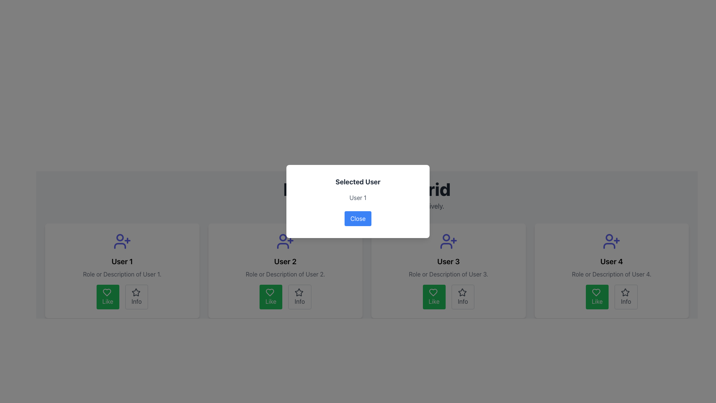 This screenshot has height=403, width=716. Describe the element at coordinates (596, 292) in the screenshot. I see `the 'Like' icon for 'User 4', which is centrally located within a green button labeled 'Like' at the bottom-left of the card` at that location.